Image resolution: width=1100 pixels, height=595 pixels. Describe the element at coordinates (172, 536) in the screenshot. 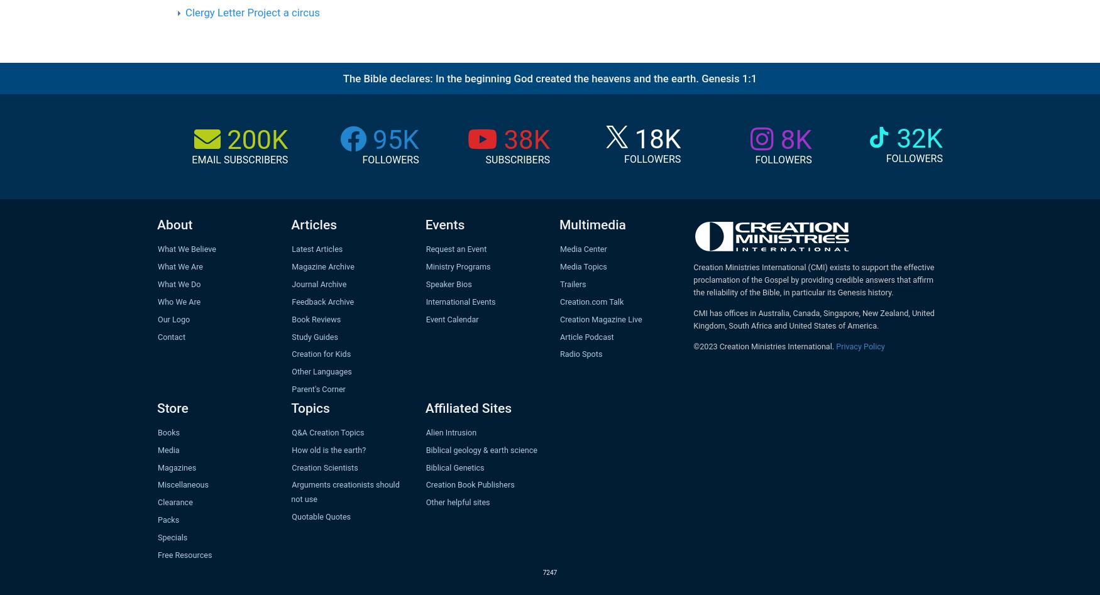

I see `'Specials'` at that location.